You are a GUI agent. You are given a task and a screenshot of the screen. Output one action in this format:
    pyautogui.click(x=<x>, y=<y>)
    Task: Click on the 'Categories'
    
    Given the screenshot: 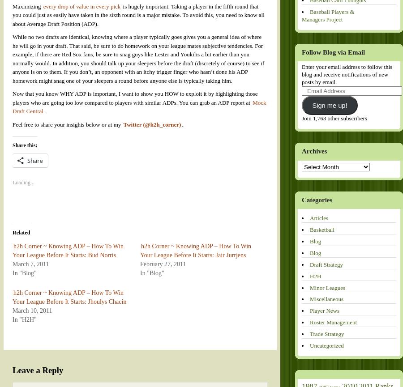 What is the action you would take?
    pyautogui.click(x=317, y=199)
    